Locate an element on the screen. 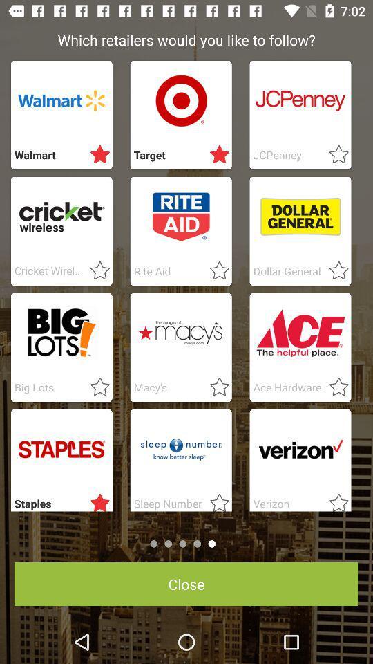  favorite is located at coordinates (334, 270).